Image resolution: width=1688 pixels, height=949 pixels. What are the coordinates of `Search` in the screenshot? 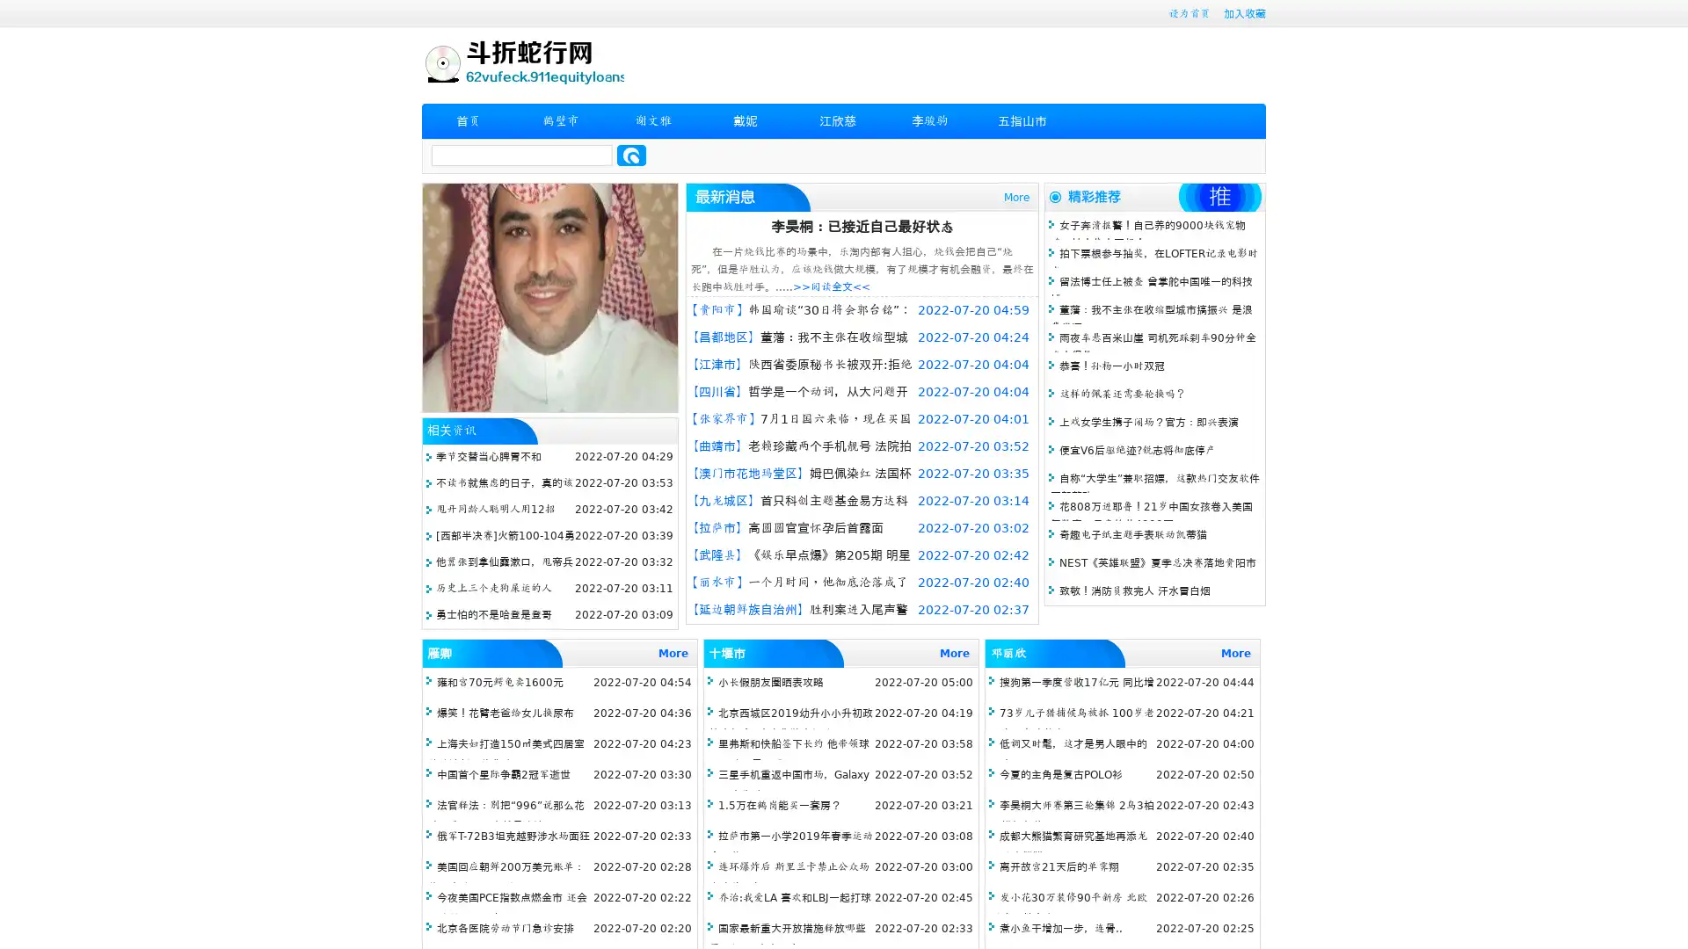 It's located at (631, 155).